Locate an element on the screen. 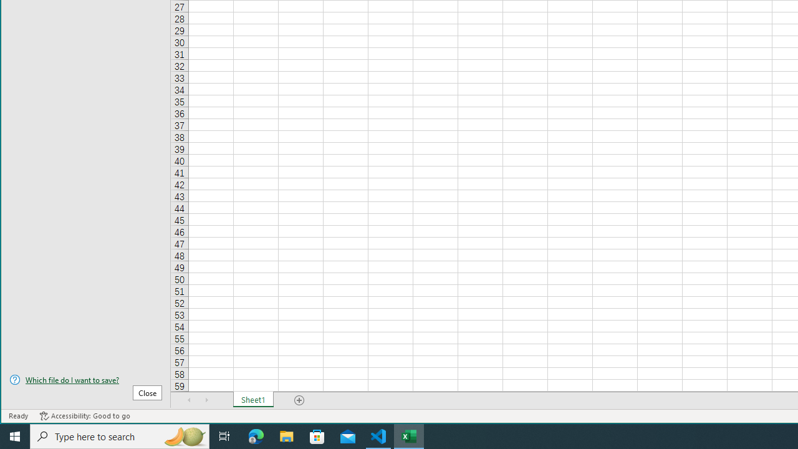 The height and width of the screenshot is (449, 798). 'Microsoft Store' is located at coordinates (317, 435).